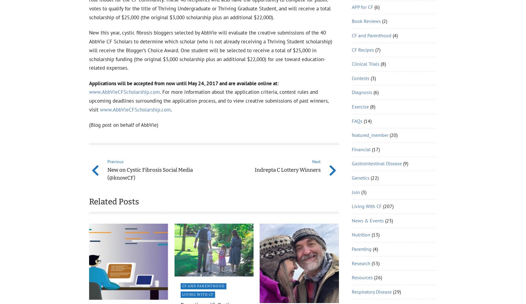 Image resolution: width=526 pixels, height=304 pixels. Describe the element at coordinates (364, 99) in the screenshot. I see `'Transplants'` at that location.